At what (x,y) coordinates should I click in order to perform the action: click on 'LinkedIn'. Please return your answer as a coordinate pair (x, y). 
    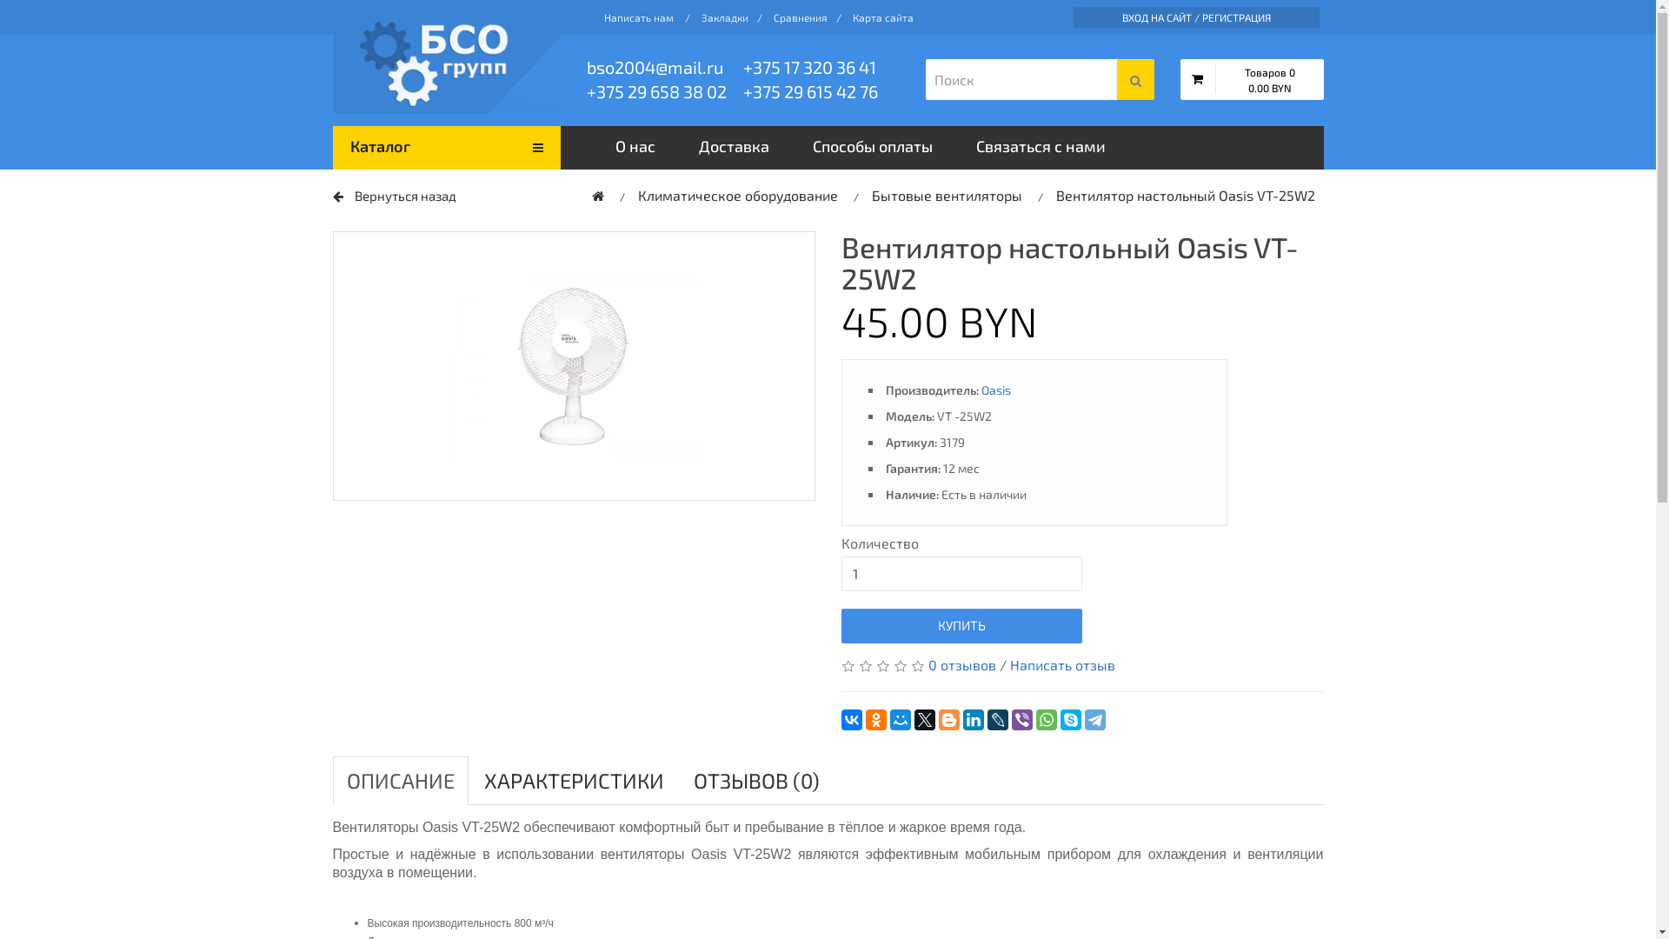
    Looking at the image, I should click on (972, 720).